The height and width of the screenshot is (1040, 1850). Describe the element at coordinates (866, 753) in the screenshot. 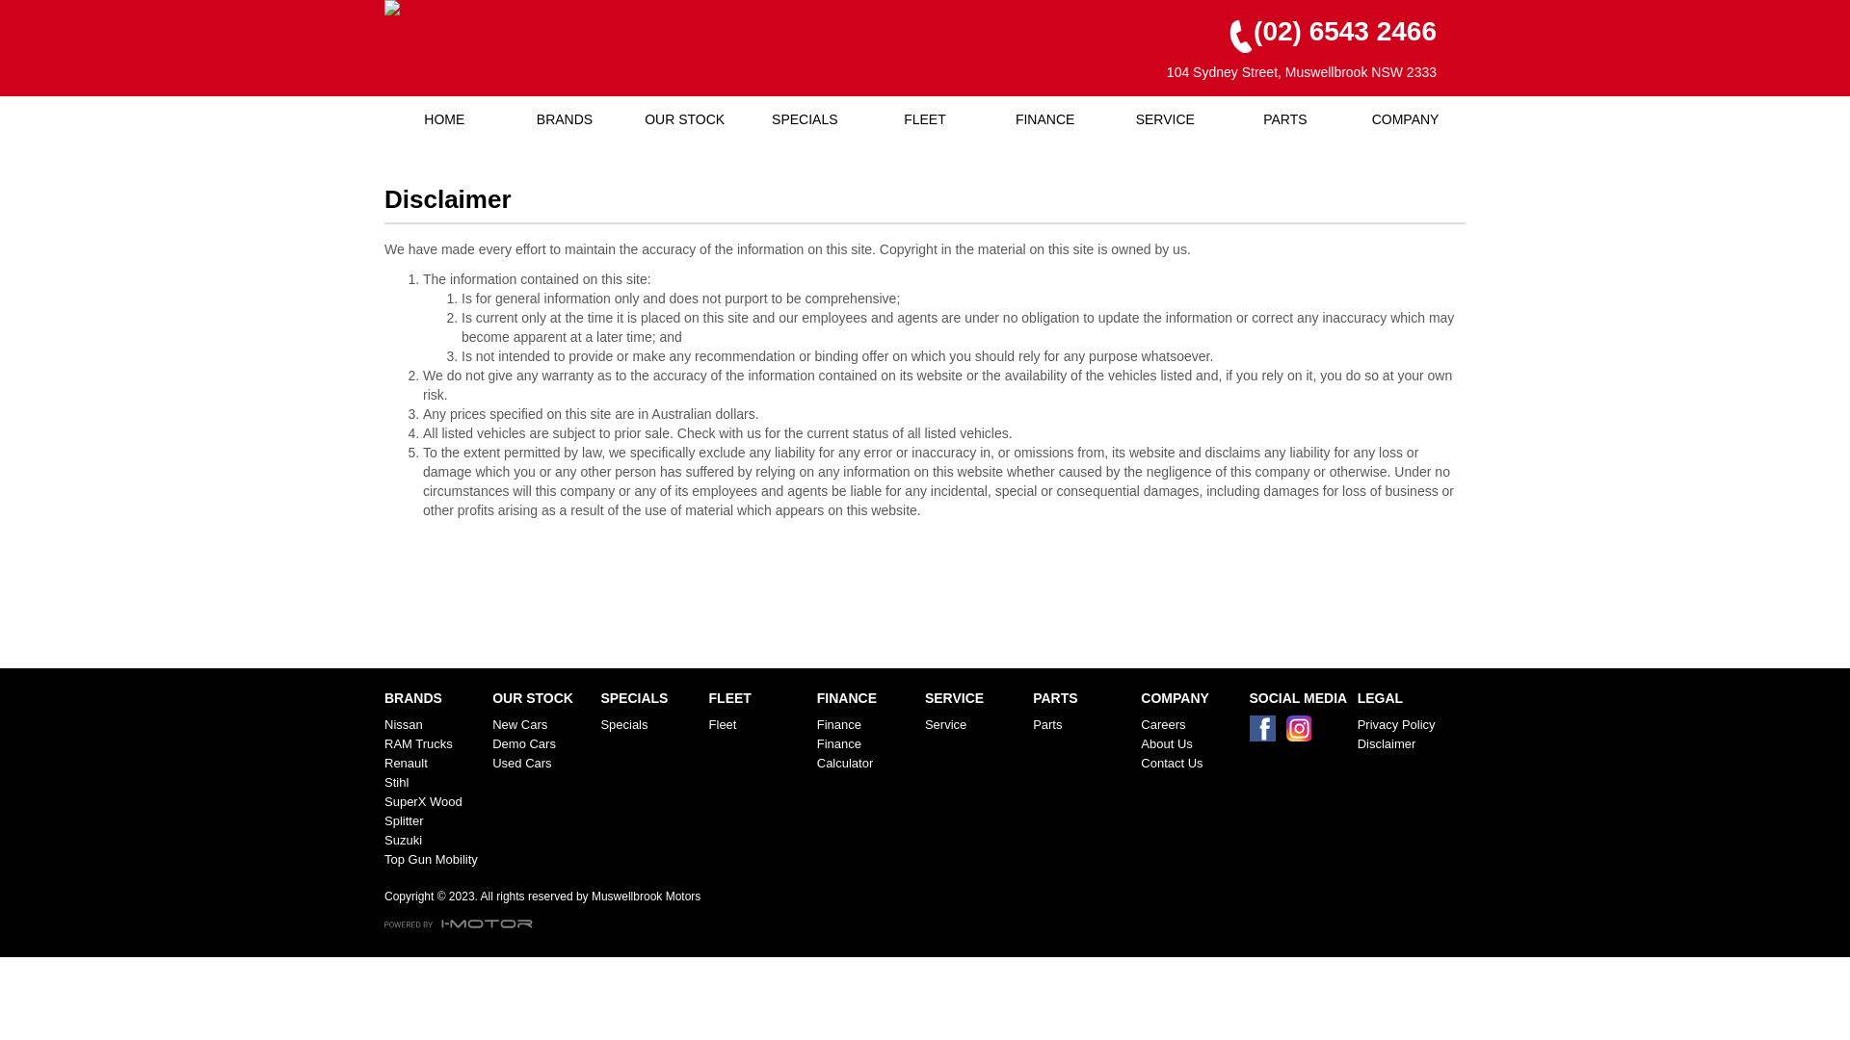

I see `'Finance Calculator'` at that location.